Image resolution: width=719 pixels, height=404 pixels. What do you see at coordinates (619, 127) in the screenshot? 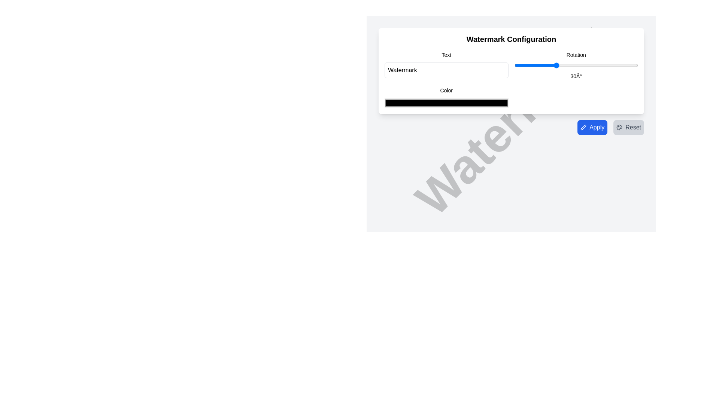
I see `the SVG graphic component that appears as a minimalistic palette icon located towards the upper-right corner of the larger SVG structure` at bounding box center [619, 127].